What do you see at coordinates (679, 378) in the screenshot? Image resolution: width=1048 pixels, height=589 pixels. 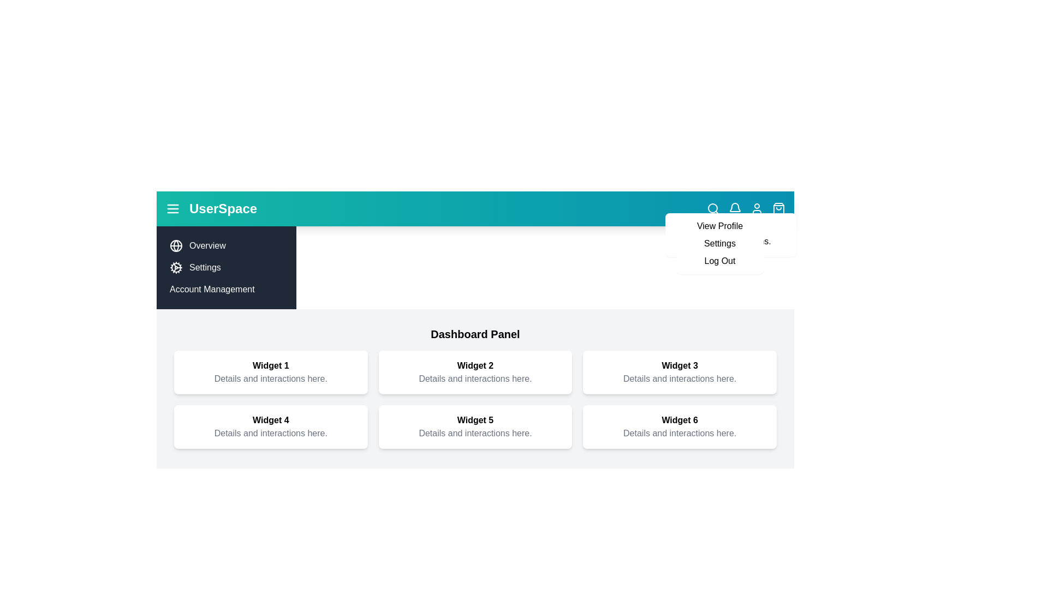 I see `the text label providing additional descriptive information for 'Widget 3' located in the top-right section of the 'Dashboard Panel'` at bounding box center [679, 378].